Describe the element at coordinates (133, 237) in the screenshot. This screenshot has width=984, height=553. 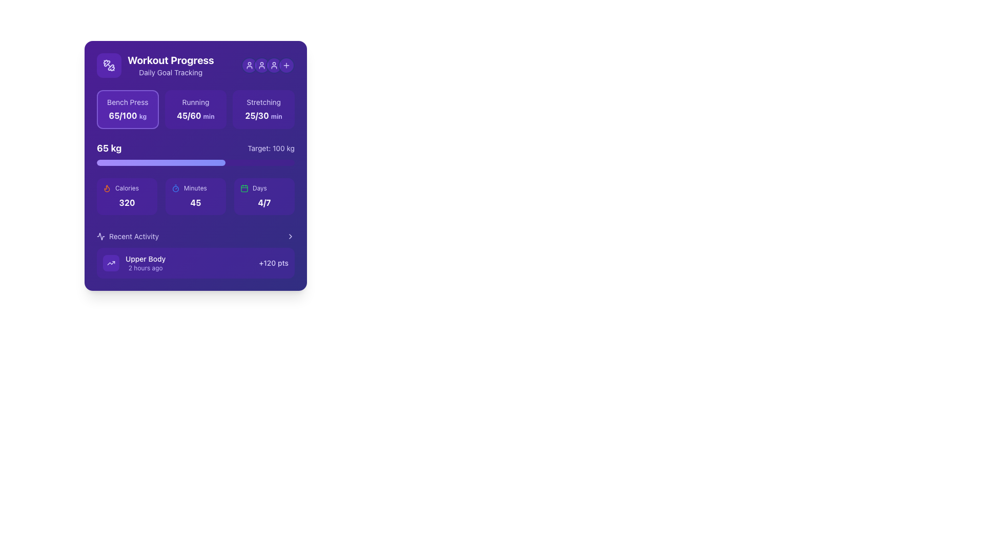
I see `the 'Recent Activity' text label, which is styled in white font on a purple background and located just above the 'Upper Body' section` at that location.